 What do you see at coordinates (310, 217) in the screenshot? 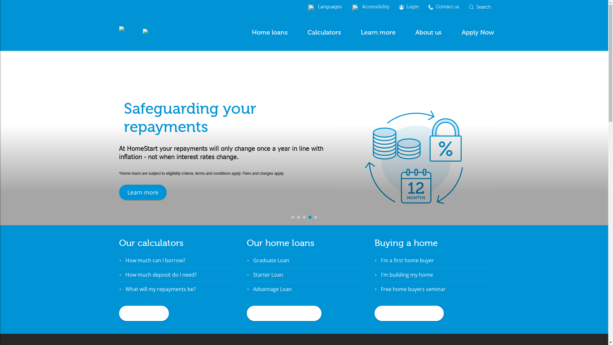
I see `'4'` at bounding box center [310, 217].